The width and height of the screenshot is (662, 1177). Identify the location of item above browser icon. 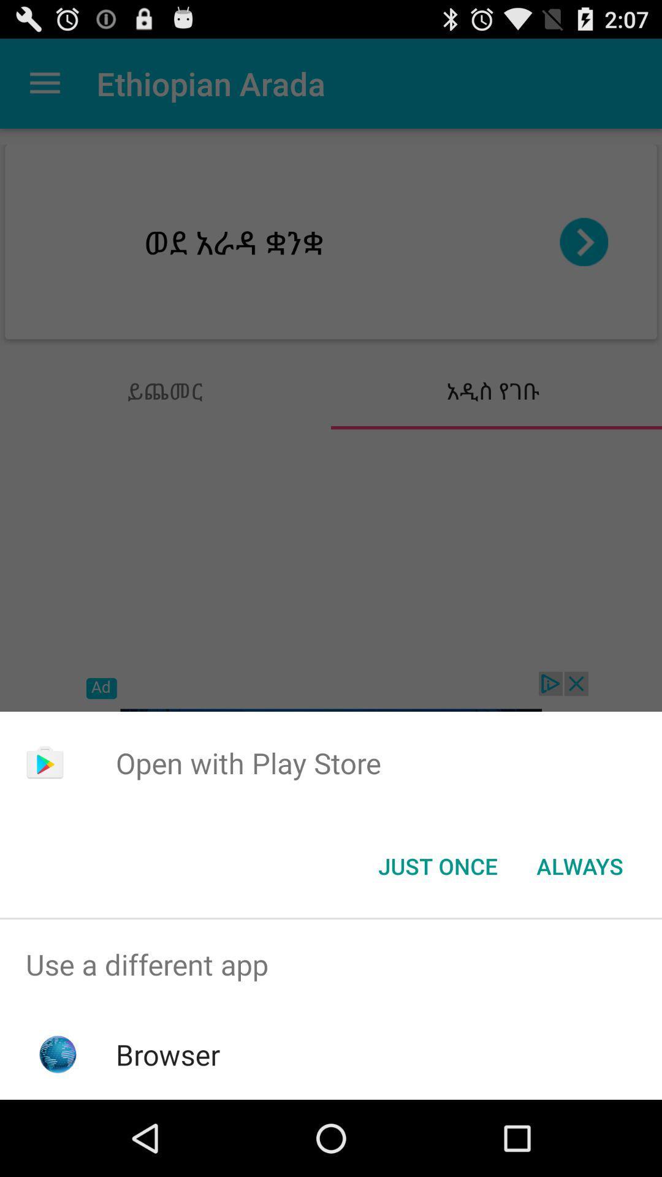
(331, 964).